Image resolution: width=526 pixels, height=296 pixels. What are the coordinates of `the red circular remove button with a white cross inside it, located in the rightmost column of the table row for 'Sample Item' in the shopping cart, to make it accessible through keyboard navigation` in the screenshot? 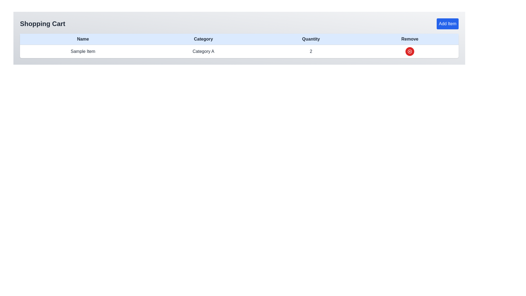 It's located at (410, 52).